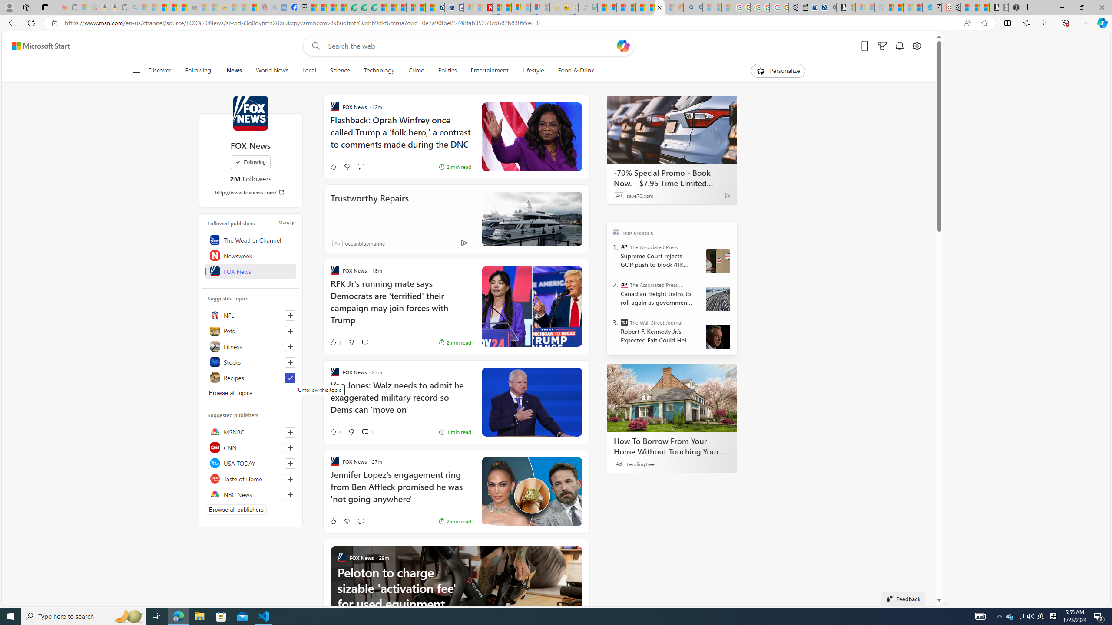 Image resolution: width=1112 pixels, height=625 pixels. What do you see at coordinates (471, 45) in the screenshot?
I see `'Enter your search term'` at bounding box center [471, 45].